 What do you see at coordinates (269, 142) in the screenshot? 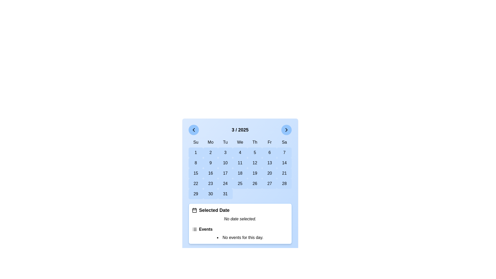
I see `the static label indicating 'Friday' in the weekly calendar view, which is the sixth header in the top row of the calendar` at bounding box center [269, 142].